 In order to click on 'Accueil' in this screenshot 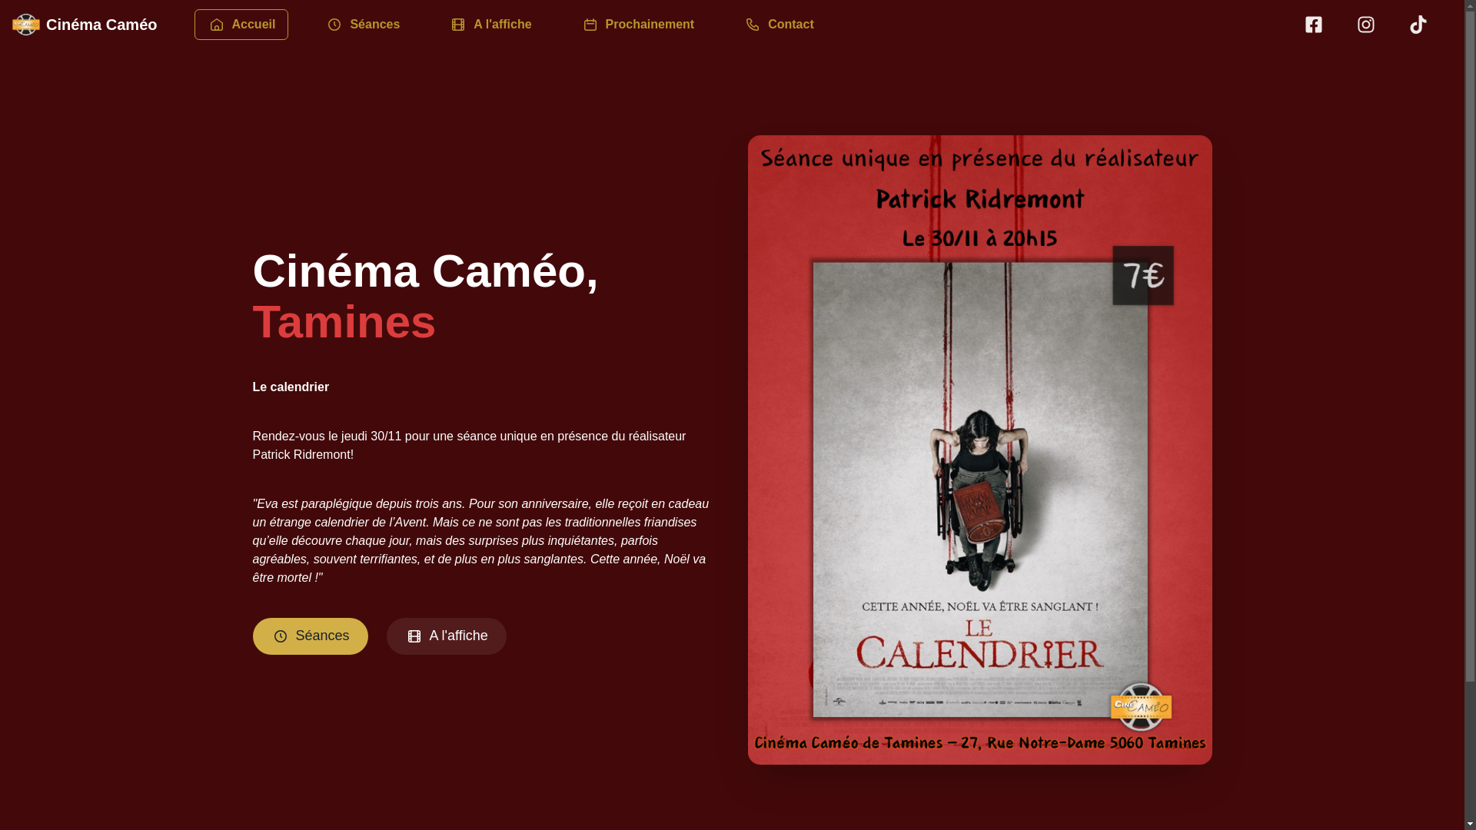, I will do `click(193, 24)`.